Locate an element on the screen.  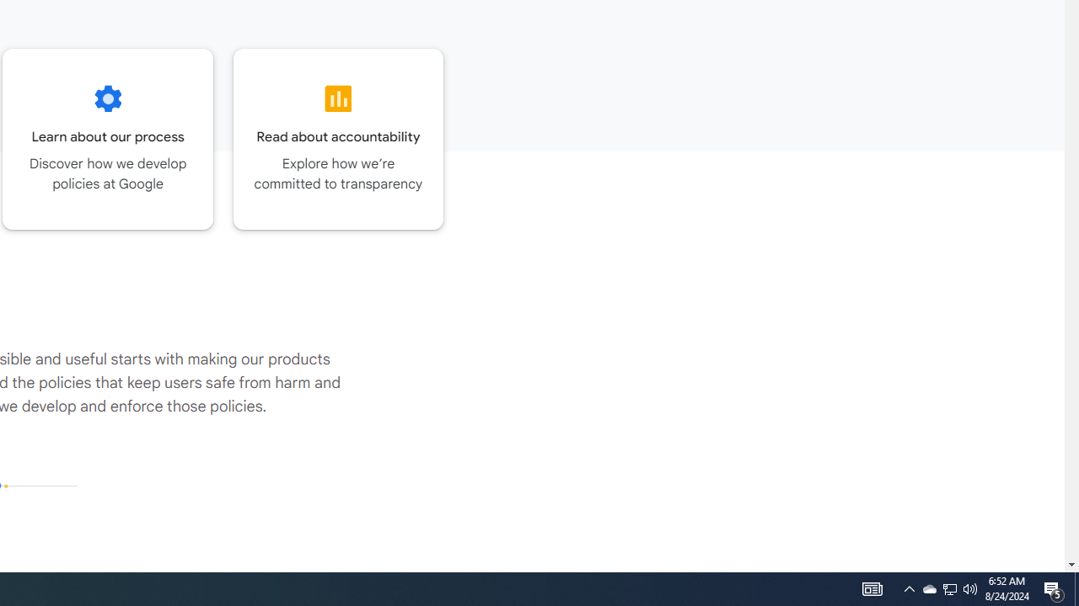
'Go to the Accountability page' is located at coordinates (337, 138).